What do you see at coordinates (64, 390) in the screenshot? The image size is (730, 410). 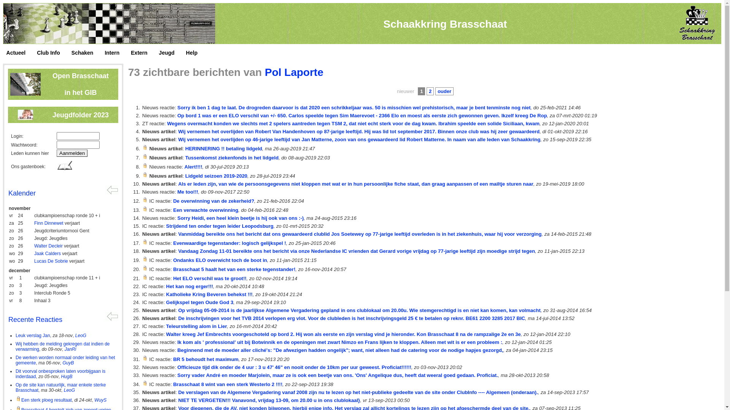 I see `'LeoG'` at bounding box center [64, 390].